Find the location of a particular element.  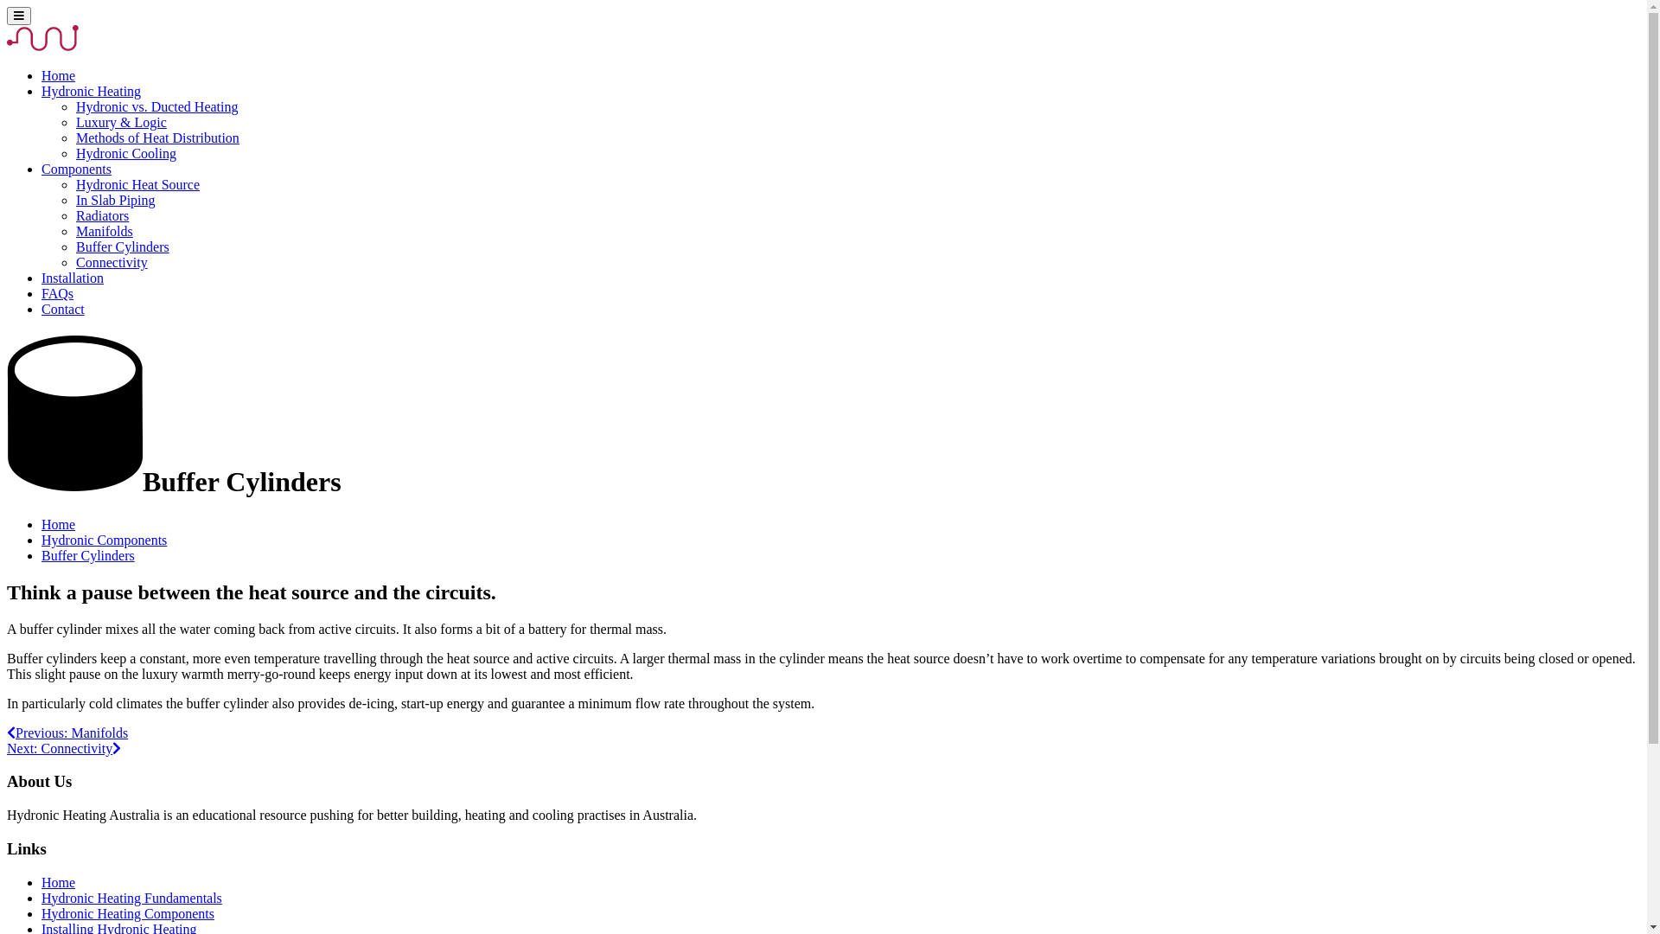

'Hydronic vs. Ducted Heating' is located at coordinates (157, 106).